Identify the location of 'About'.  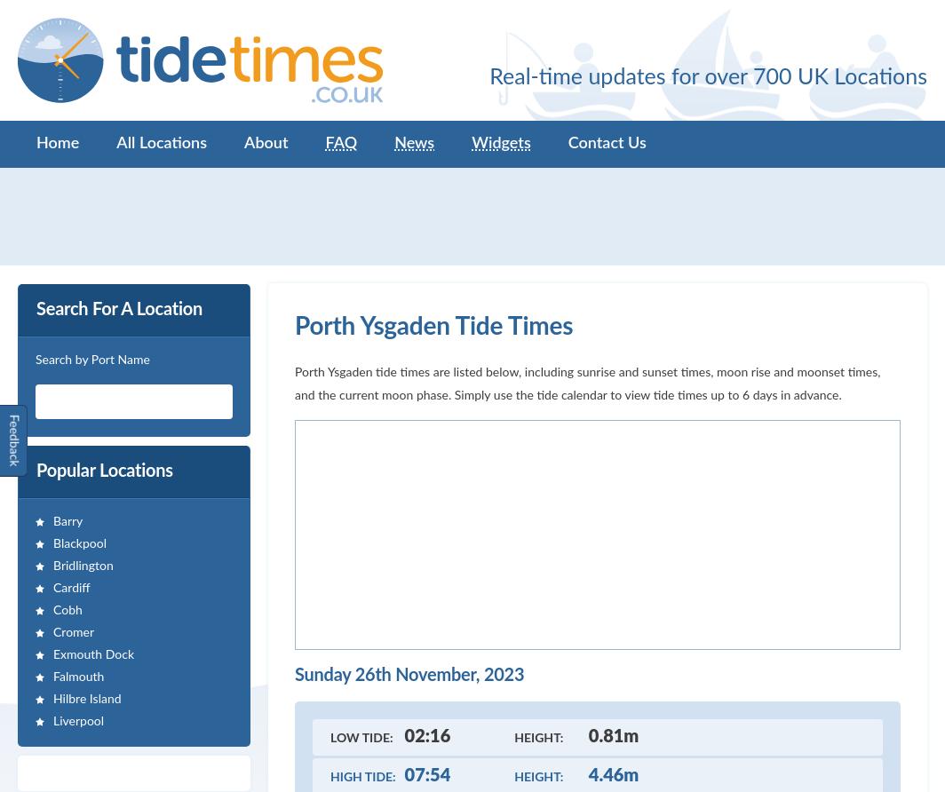
(266, 142).